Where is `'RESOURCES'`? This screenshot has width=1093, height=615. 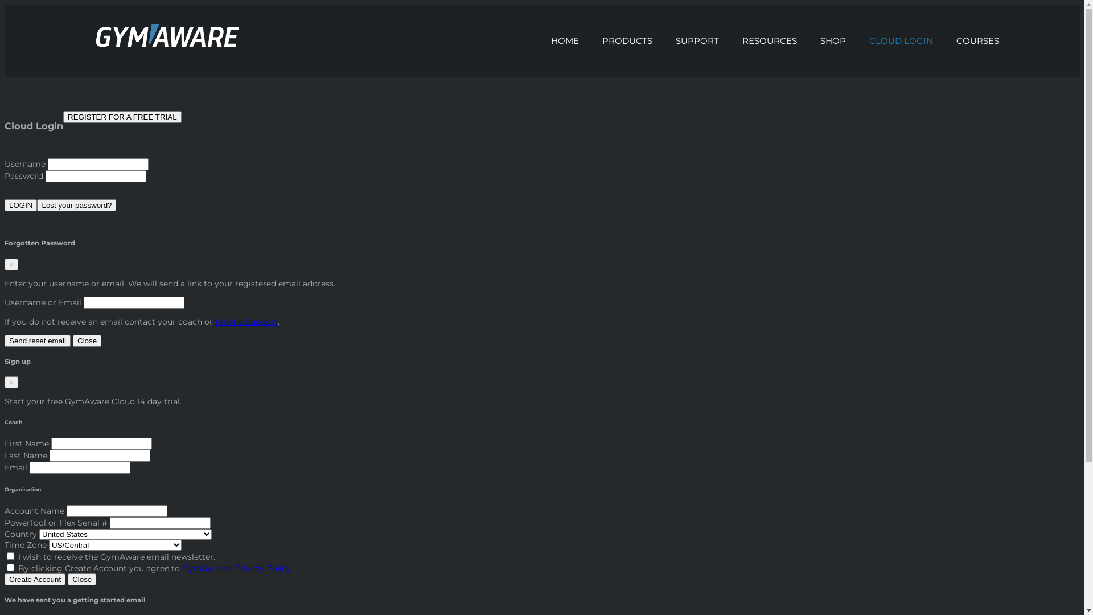
'RESOURCES' is located at coordinates (770, 40).